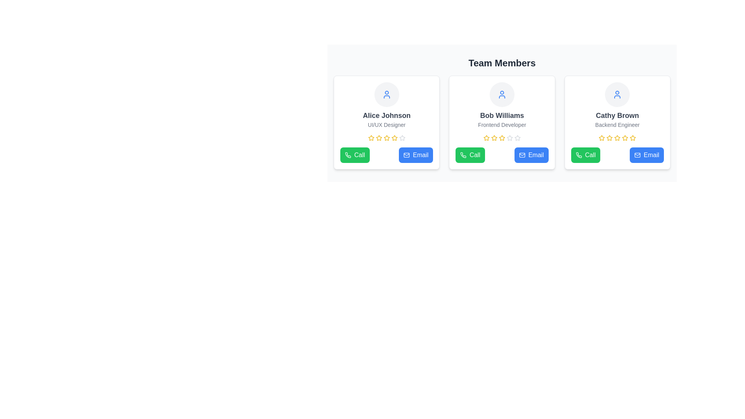 The image size is (745, 419). What do you see at coordinates (354, 155) in the screenshot?
I see `the green 'Call' button with a phone icon to initiate a call` at bounding box center [354, 155].